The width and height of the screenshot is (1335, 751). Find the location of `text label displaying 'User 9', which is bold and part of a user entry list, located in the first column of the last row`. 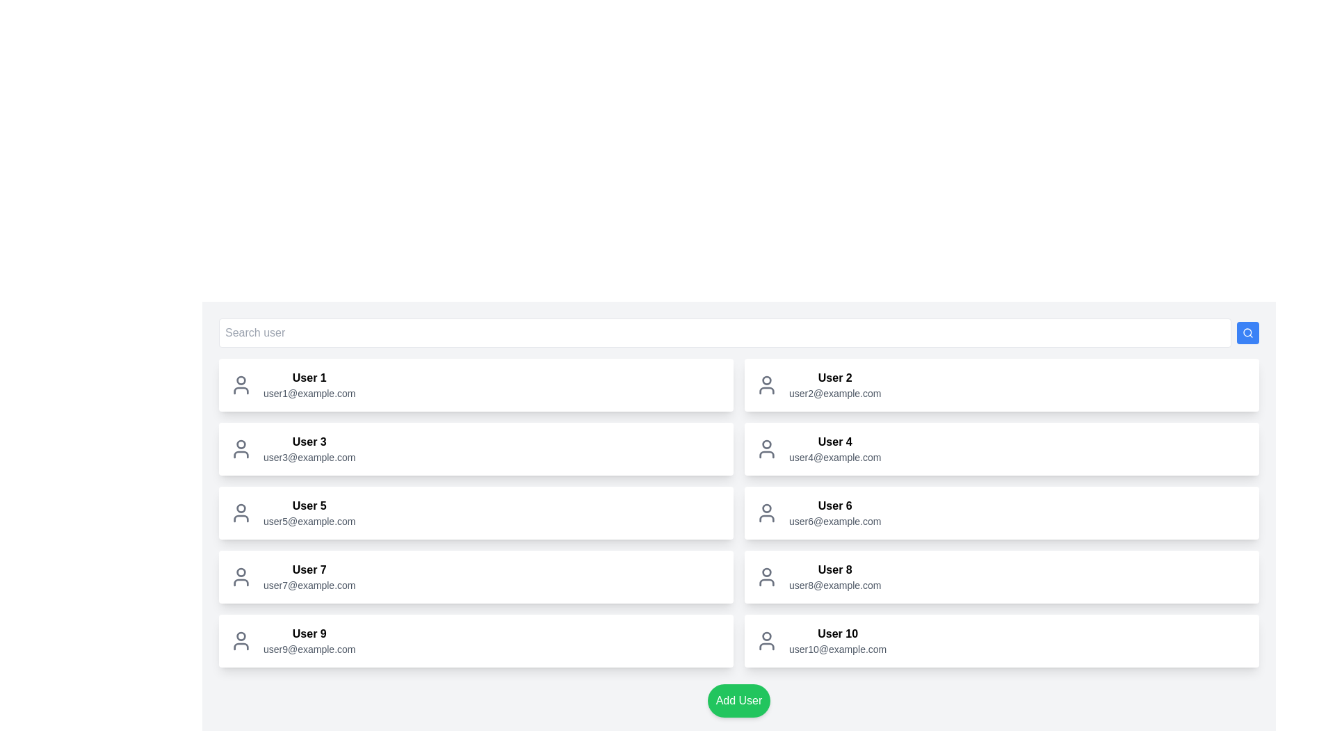

text label displaying 'User 9', which is bold and part of a user entry list, located in the first column of the last row is located at coordinates (309, 633).